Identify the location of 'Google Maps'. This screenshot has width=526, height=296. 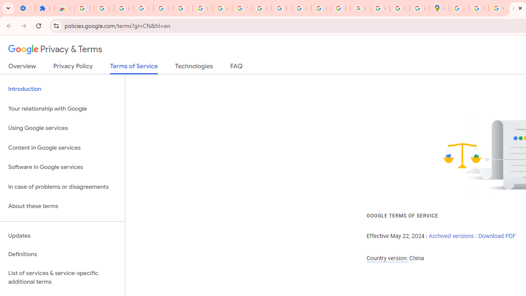
(438, 8).